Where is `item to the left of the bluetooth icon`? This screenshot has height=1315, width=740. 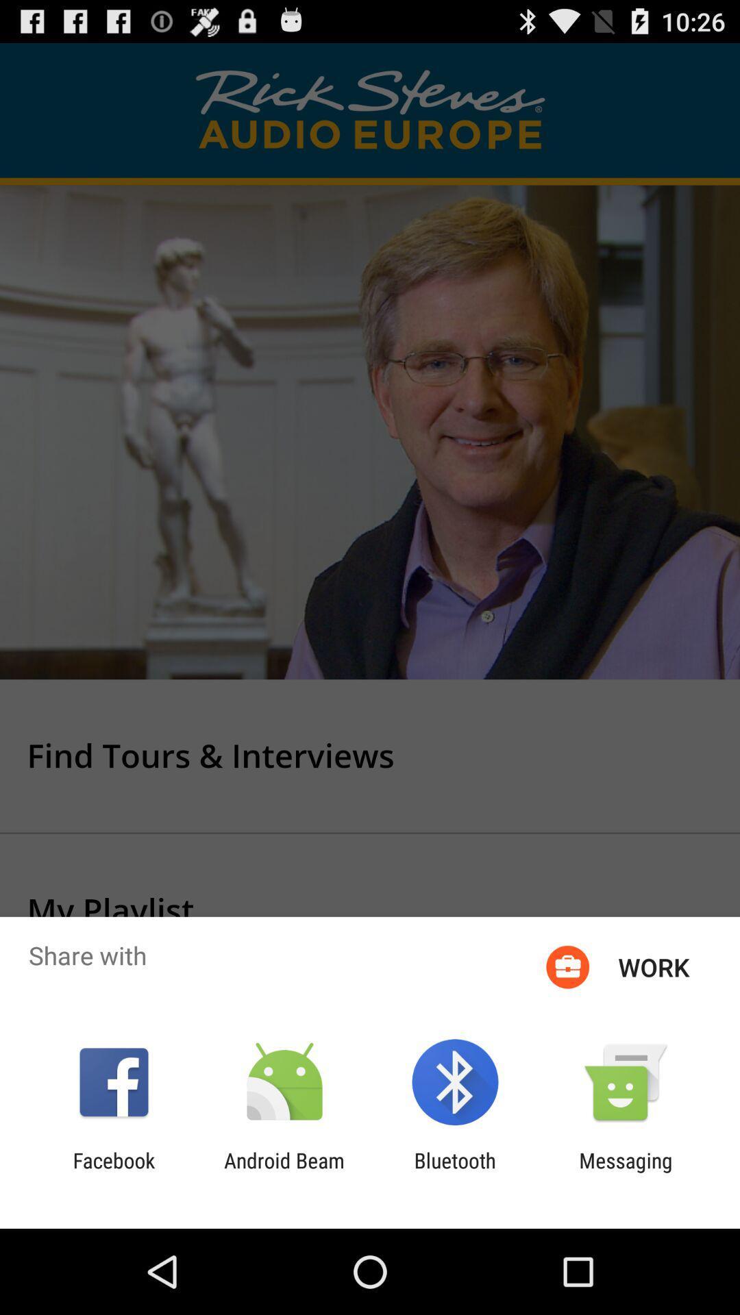
item to the left of the bluetooth icon is located at coordinates (284, 1172).